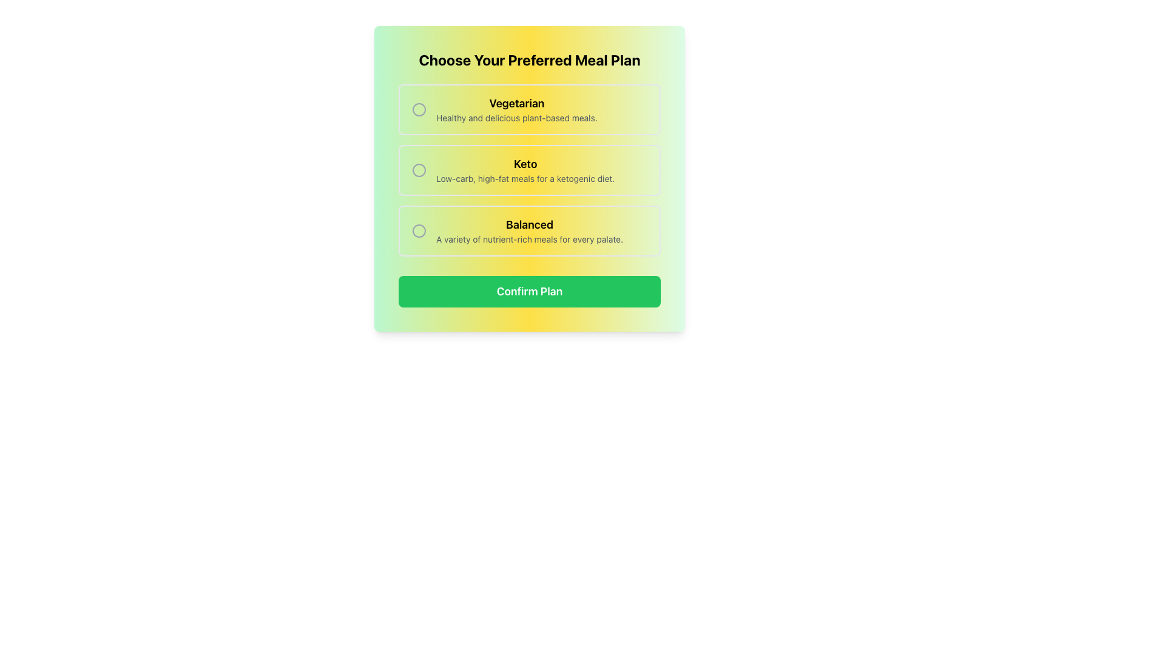  I want to click on the descriptive text below the 'Balanced' label in the third meal plan option card, so click(530, 239).